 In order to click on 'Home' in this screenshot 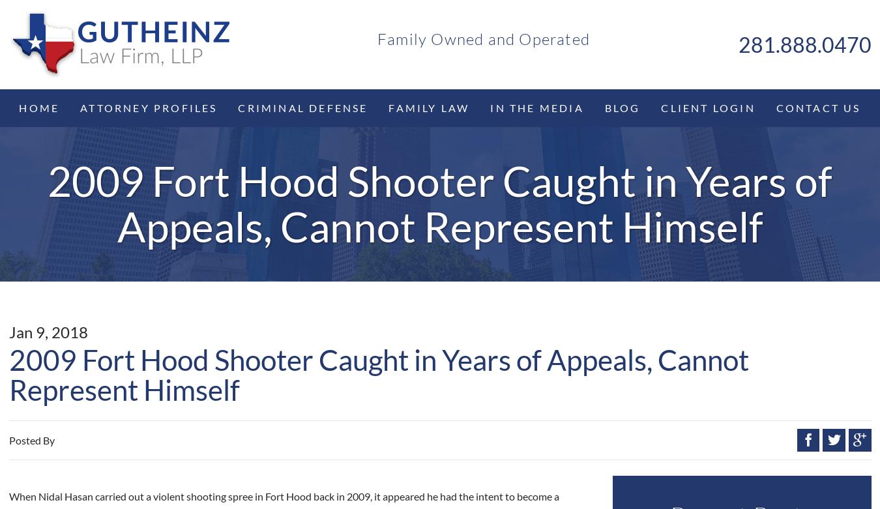, I will do `click(38, 106)`.